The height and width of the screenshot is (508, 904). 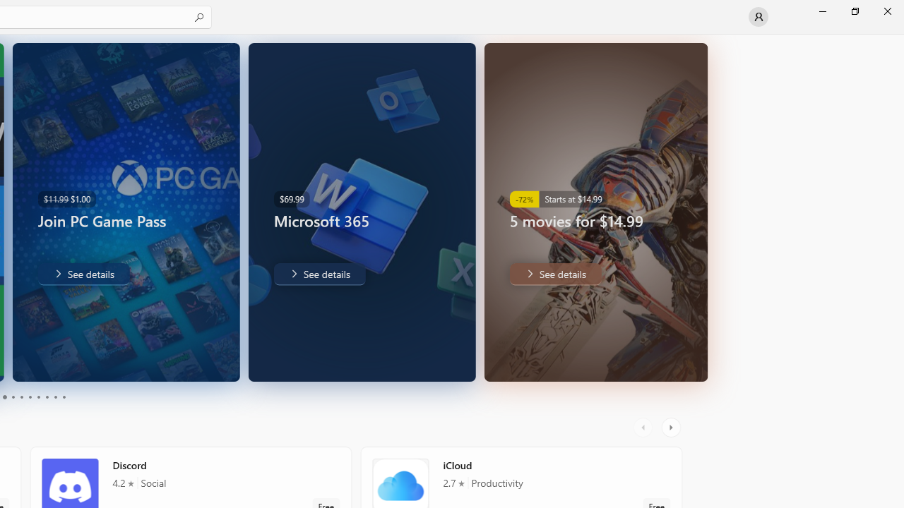 What do you see at coordinates (38, 397) in the screenshot?
I see `'Page 7'` at bounding box center [38, 397].